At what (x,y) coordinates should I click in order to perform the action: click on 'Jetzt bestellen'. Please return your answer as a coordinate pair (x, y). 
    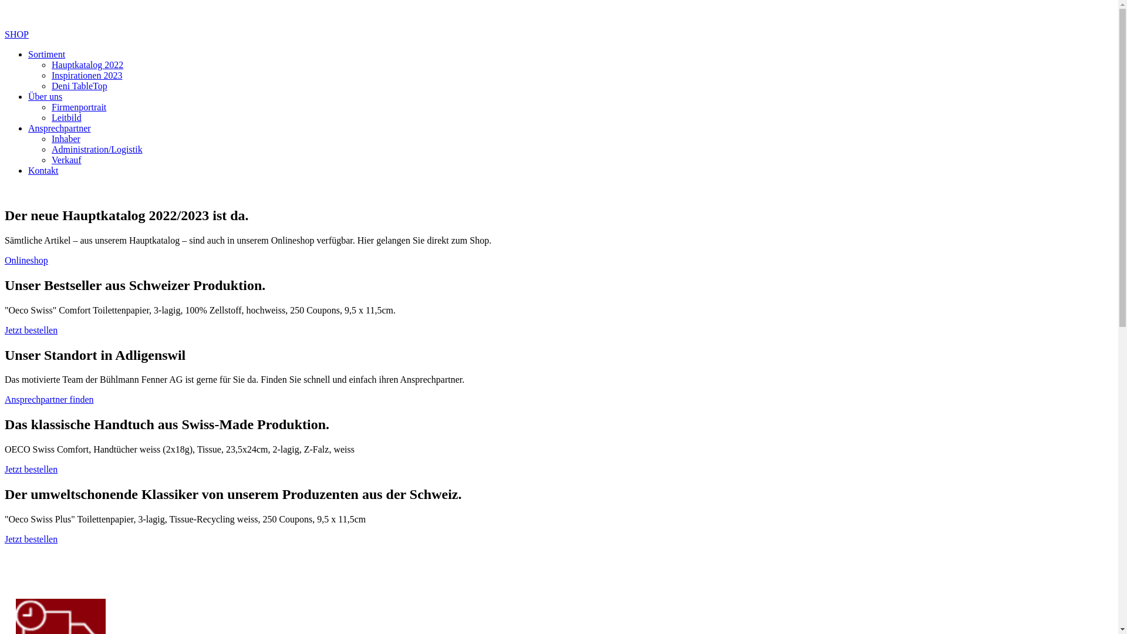
    Looking at the image, I should click on (31, 468).